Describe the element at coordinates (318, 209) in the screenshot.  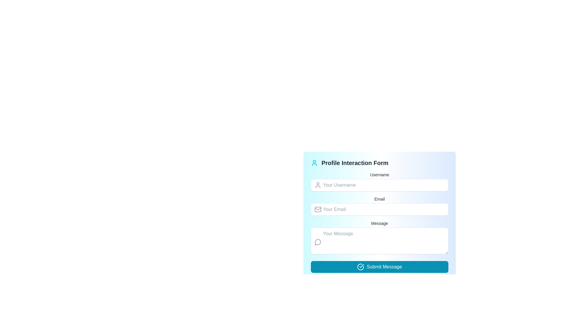
I see `the mail icon, which is a rectangular graphical component resembling an envelope, located to the left of the 'Email' input field` at that location.